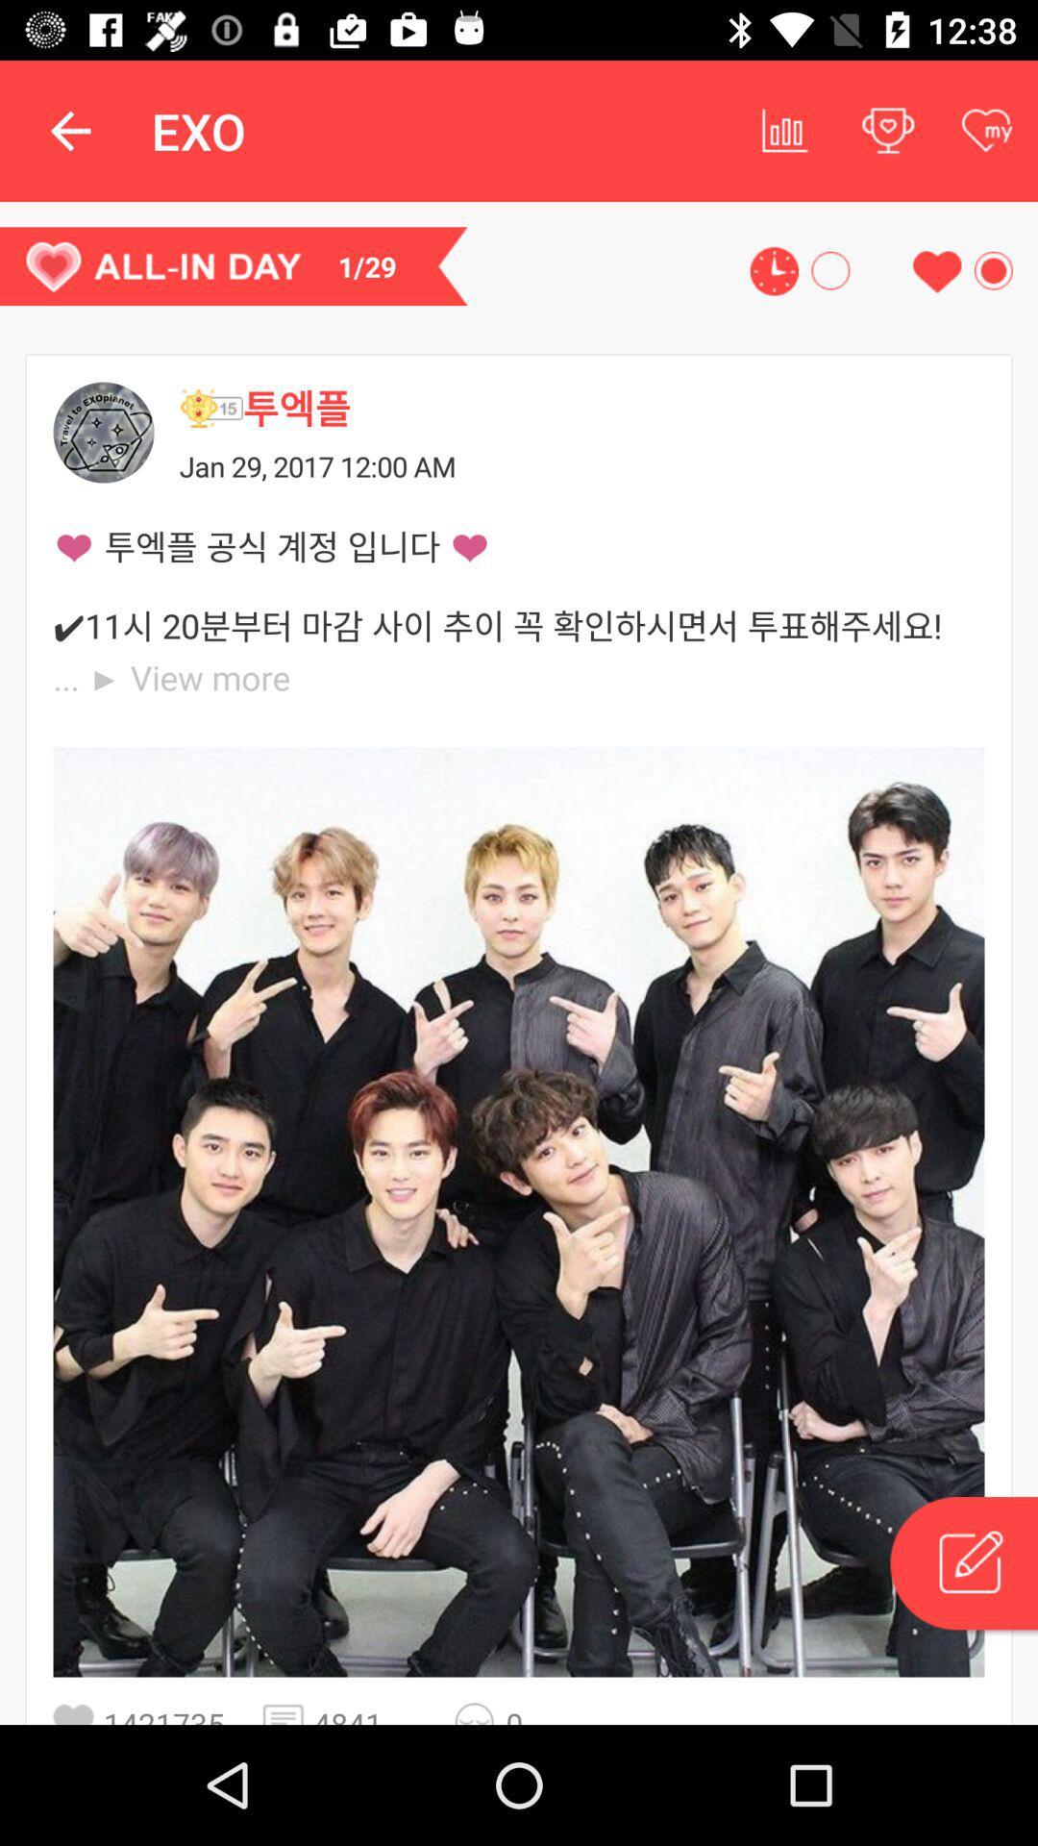 This screenshot has height=1846, width=1038. What do you see at coordinates (233, 265) in the screenshot?
I see `1/29` at bounding box center [233, 265].